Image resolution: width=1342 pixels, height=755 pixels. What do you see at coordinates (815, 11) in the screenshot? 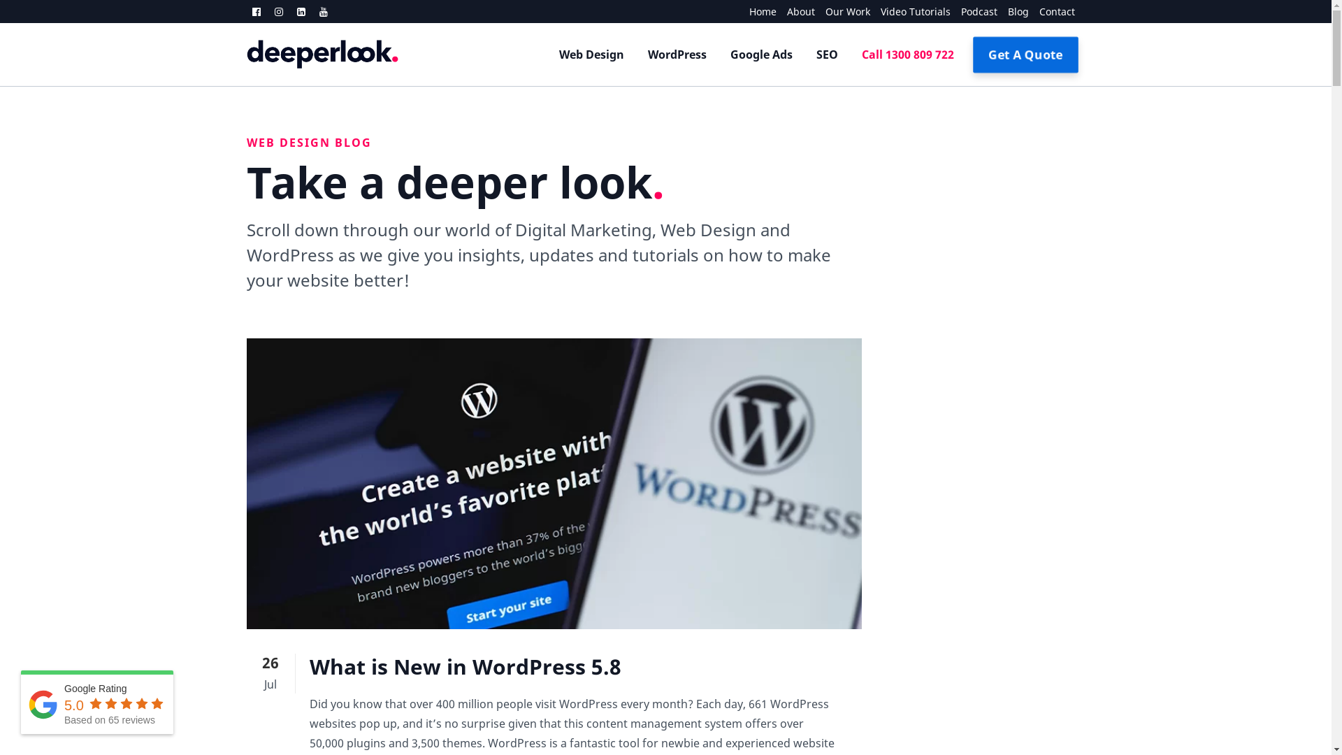
I see `'Our Work'` at bounding box center [815, 11].